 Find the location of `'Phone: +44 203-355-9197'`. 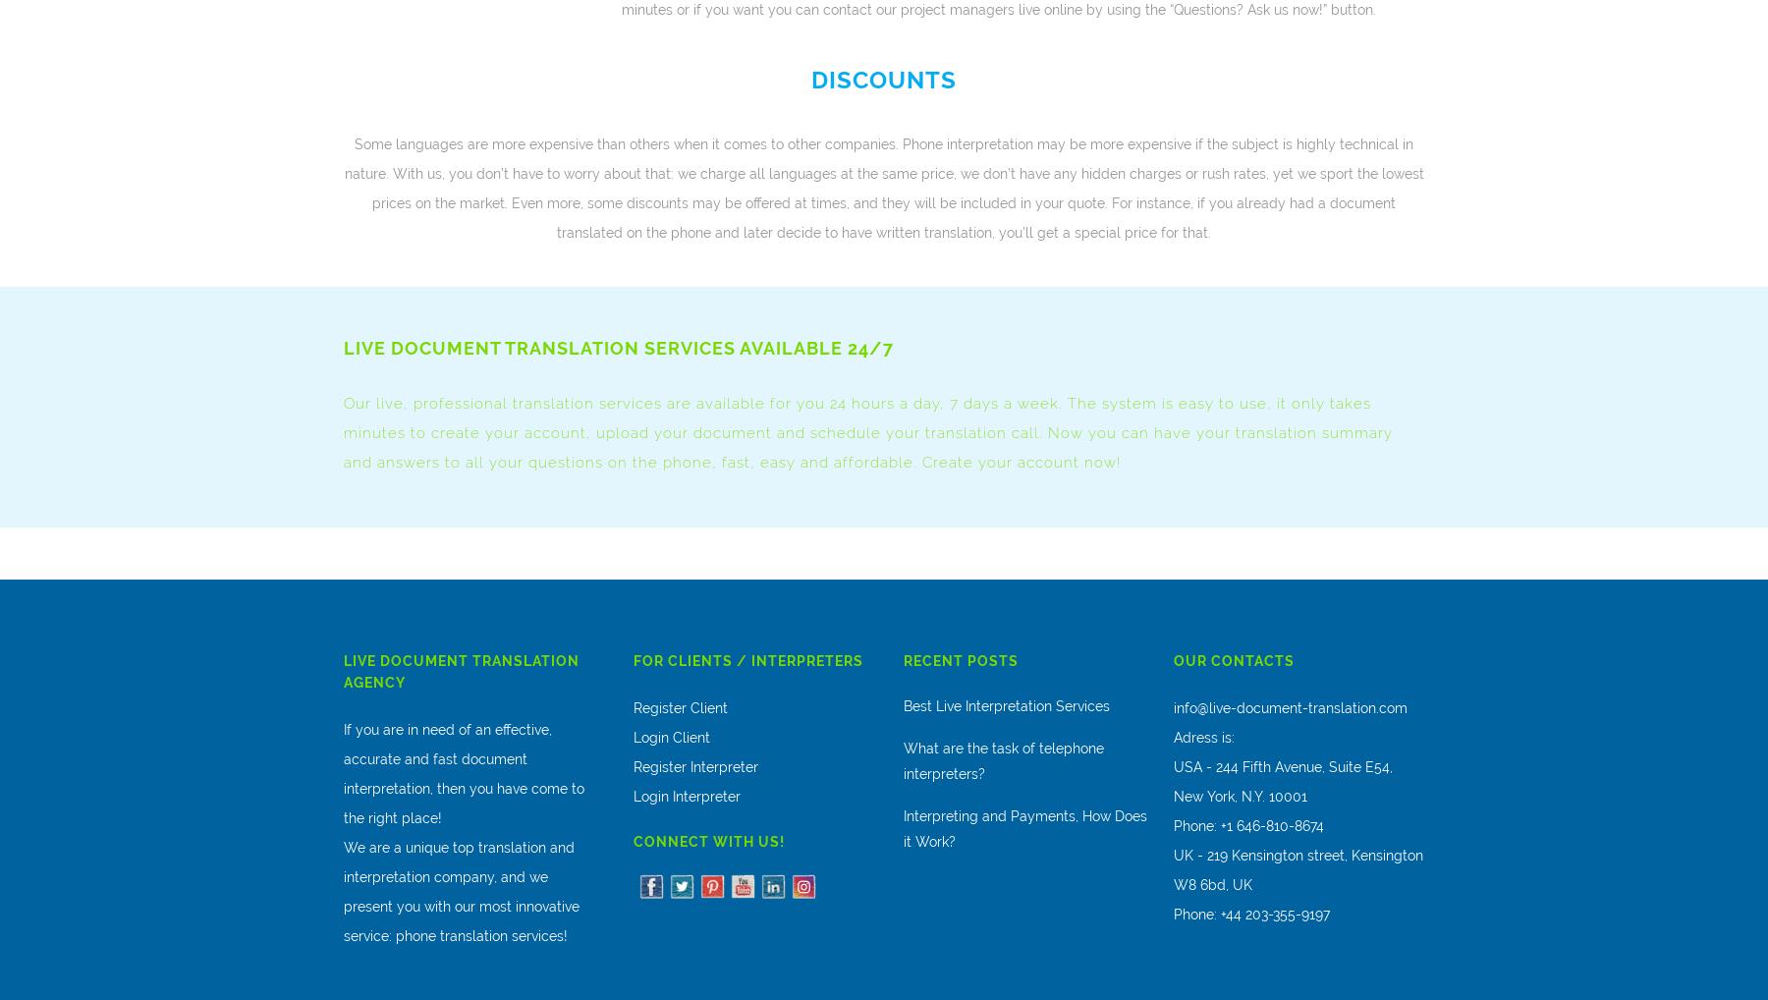

'Phone: +44 203-355-9197' is located at coordinates (1251, 913).